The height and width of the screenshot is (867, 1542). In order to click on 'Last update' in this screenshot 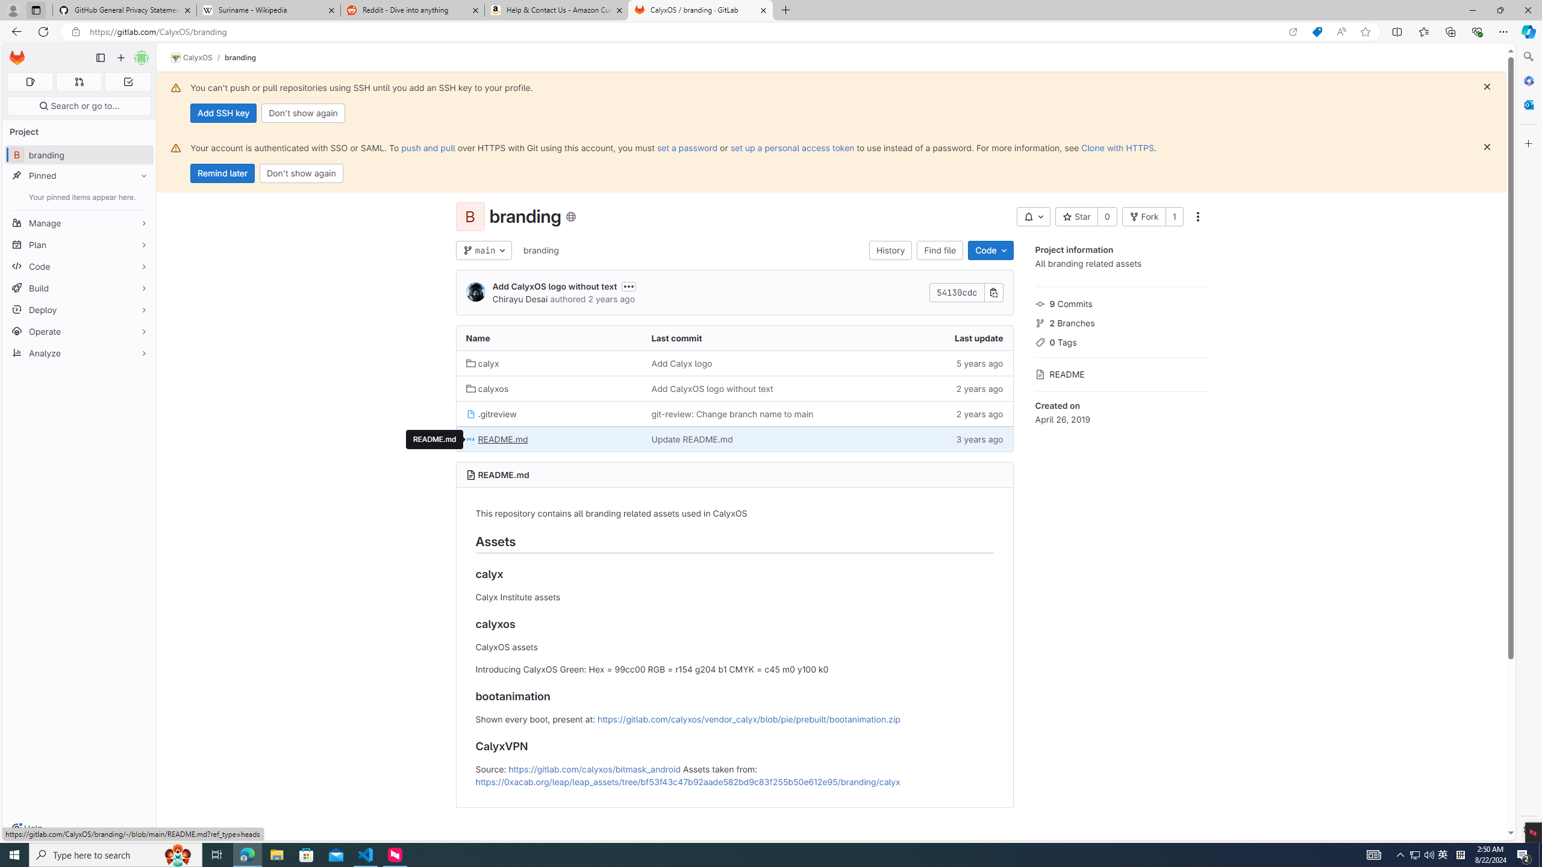, I will do `click(919, 338)`.